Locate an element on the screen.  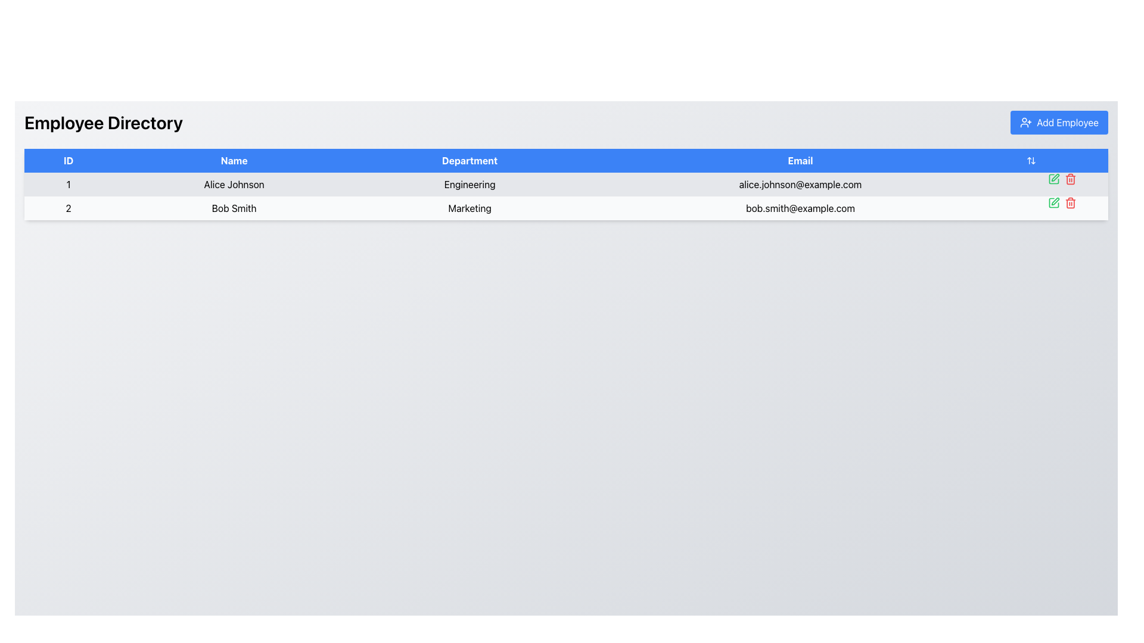
text label displaying 'Marketing' located in the Department column of the second row in the Employee Directory table is located at coordinates (469, 208).